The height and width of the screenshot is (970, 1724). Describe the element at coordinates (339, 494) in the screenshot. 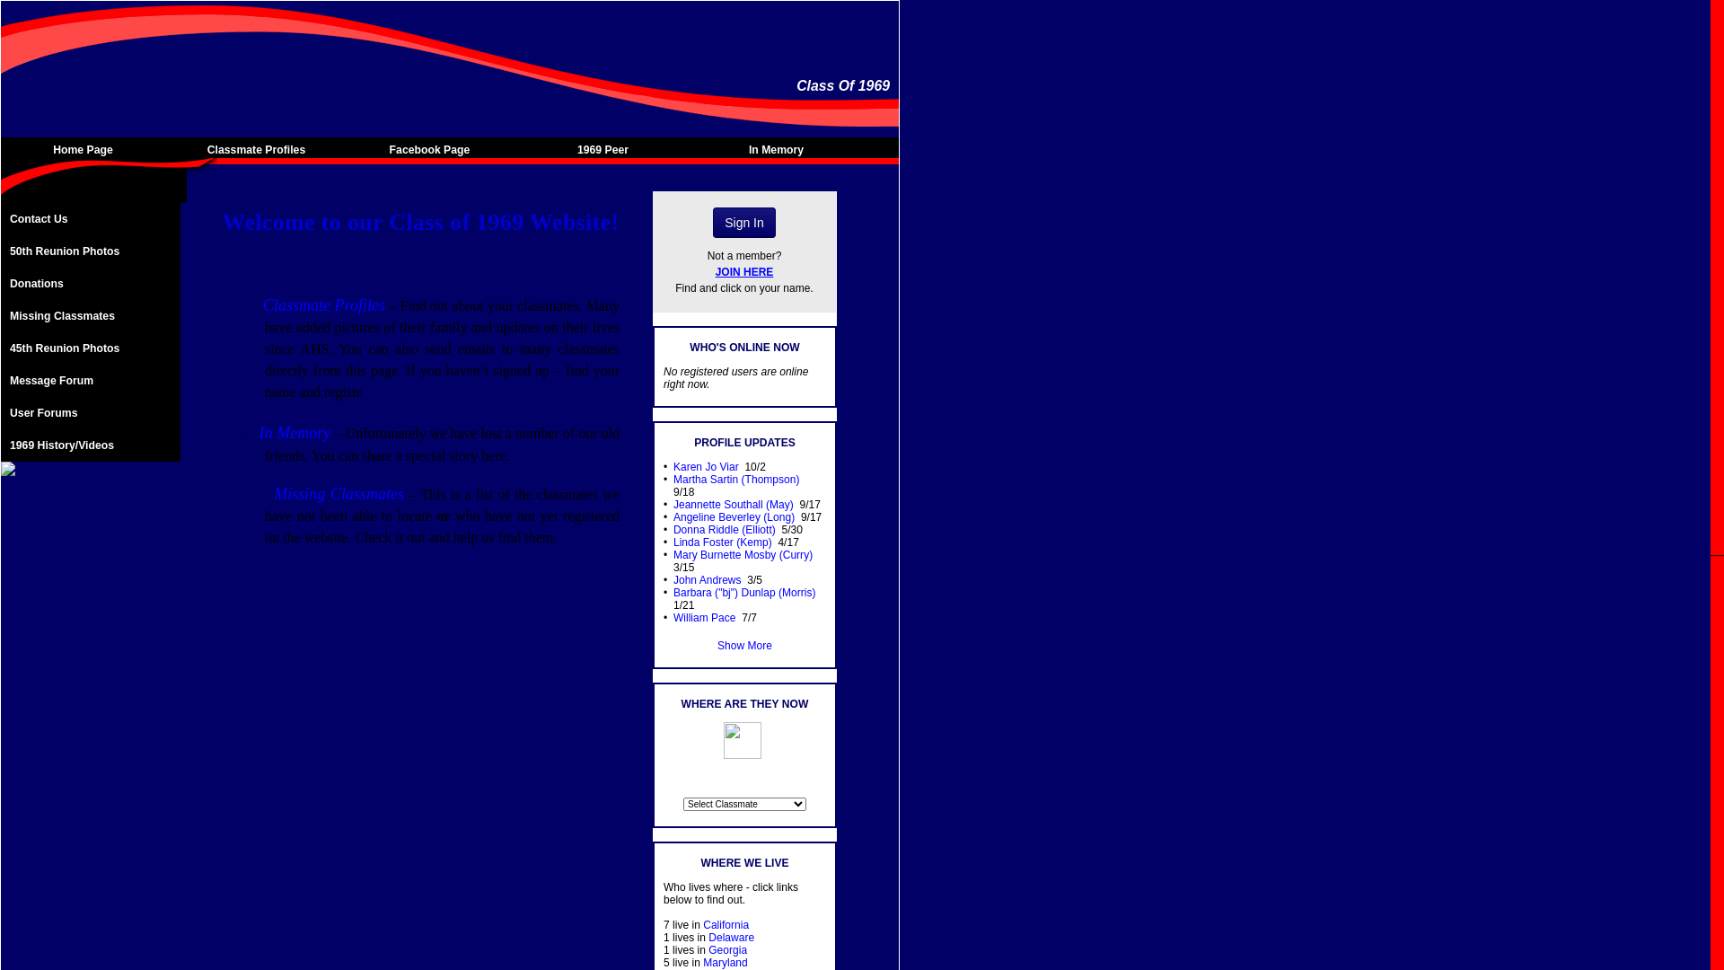

I see `'Missing Classmates'` at that location.